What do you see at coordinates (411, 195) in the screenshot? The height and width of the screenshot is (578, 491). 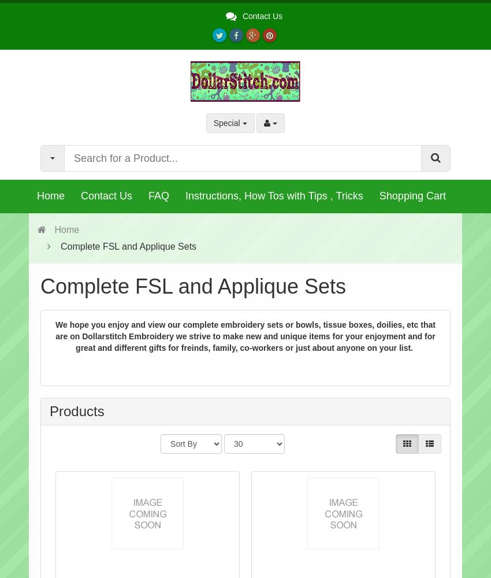 I see `'Shopping Cart'` at bounding box center [411, 195].